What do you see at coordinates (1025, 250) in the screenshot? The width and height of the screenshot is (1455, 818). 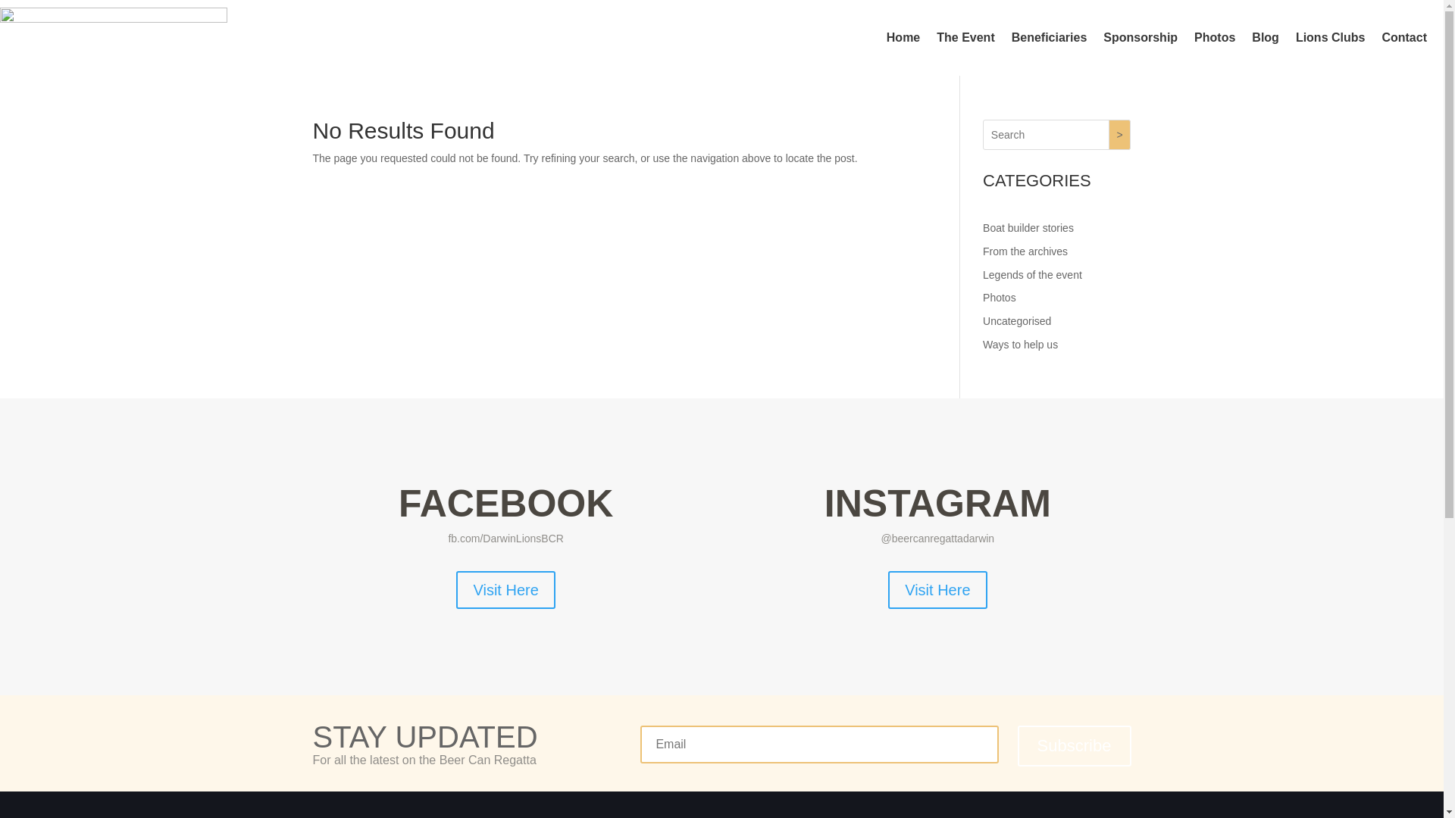 I see `'From the archives'` at bounding box center [1025, 250].